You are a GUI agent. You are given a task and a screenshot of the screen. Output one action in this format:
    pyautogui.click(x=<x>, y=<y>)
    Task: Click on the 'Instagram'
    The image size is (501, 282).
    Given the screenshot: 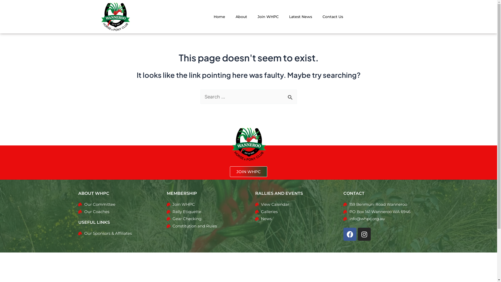 What is the action you would take?
    pyautogui.click(x=364, y=234)
    